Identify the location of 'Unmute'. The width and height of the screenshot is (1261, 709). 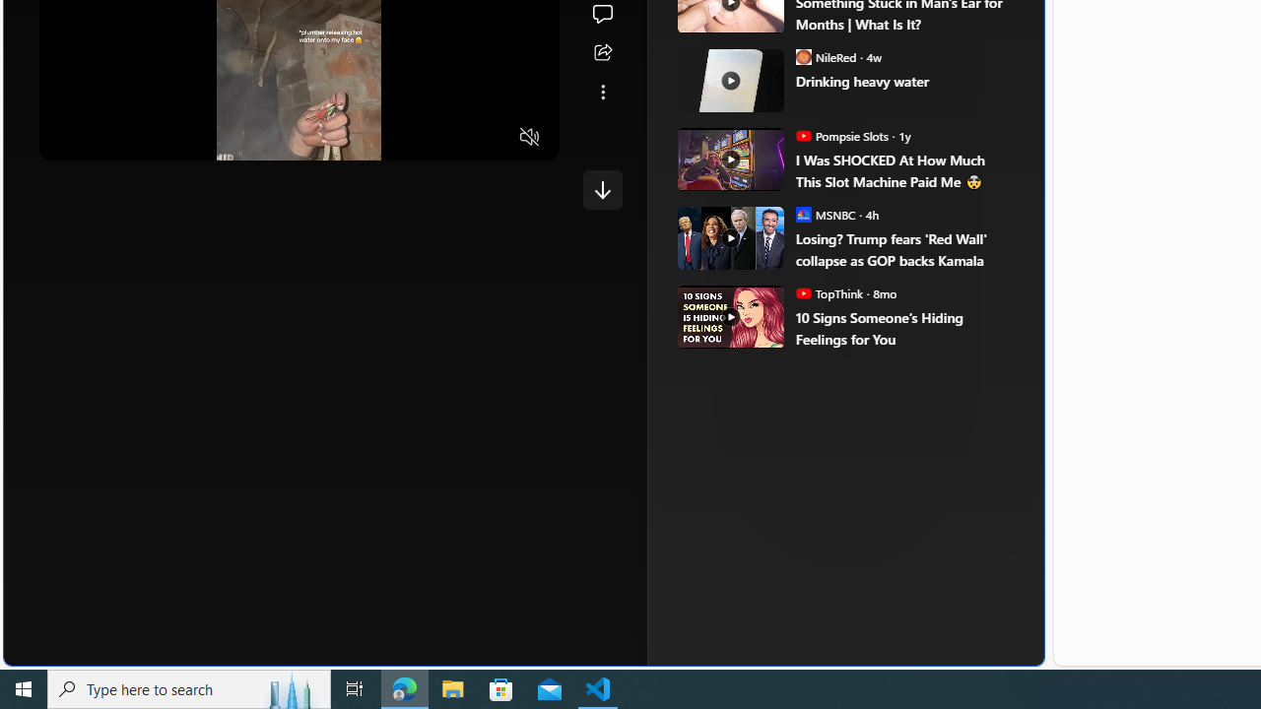
(530, 136).